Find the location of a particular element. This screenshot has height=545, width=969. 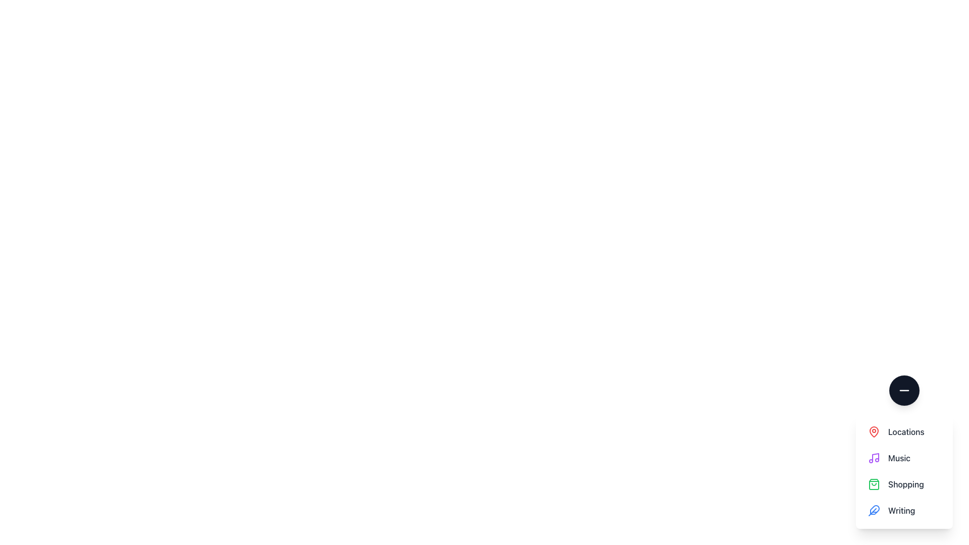

the text label that reads 'Writing', which is styled in dark gray (#4A4A4A) and is located under the 'Shopping' label in the vertical menu is located at coordinates (901, 510).